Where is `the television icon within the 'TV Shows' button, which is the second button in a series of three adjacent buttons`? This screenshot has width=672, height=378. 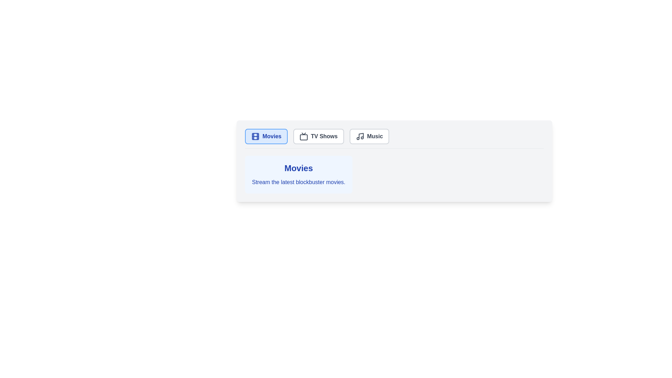 the television icon within the 'TV Shows' button, which is the second button in a series of three adjacent buttons is located at coordinates (304, 136).